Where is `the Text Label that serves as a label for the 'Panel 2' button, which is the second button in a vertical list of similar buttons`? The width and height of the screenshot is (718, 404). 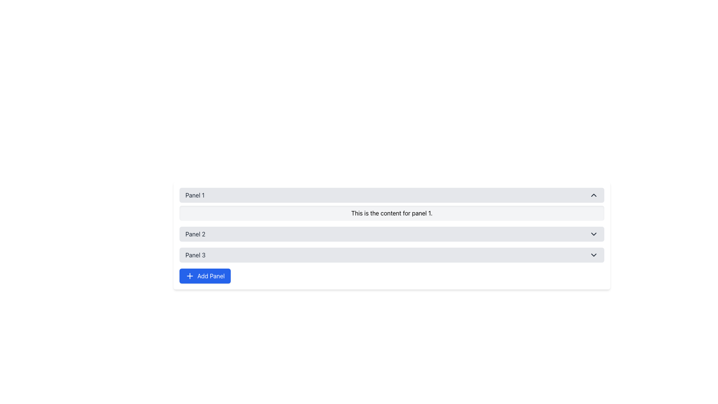 the Text Label that serves as a label for the 'Panel 2' button, which is the second button in a vertical list of similar buttons is located at coordinates (195, 233).